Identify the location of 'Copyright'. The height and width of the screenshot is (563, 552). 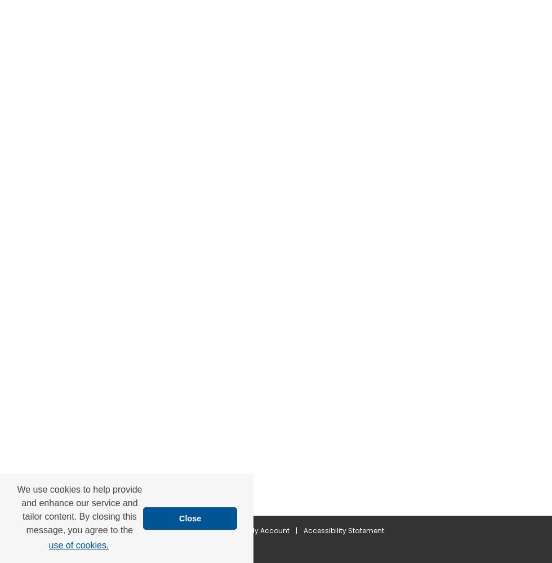
(199, 544).